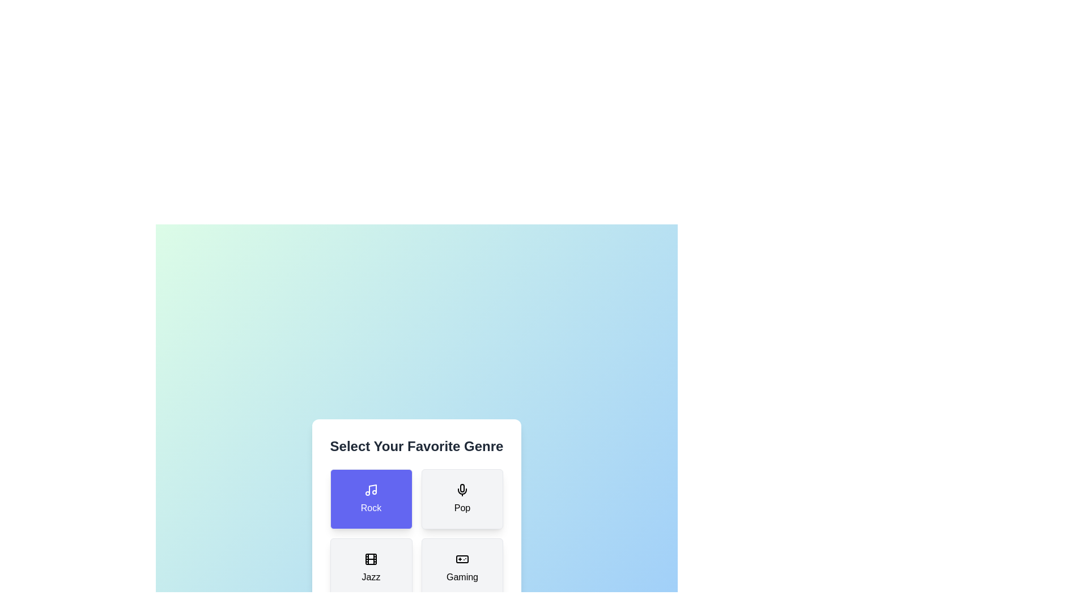 Image resolution: width=1088 pixels, height=612 pixels. I want to click on the rock button to observe its hover effect, so click(371, 498).